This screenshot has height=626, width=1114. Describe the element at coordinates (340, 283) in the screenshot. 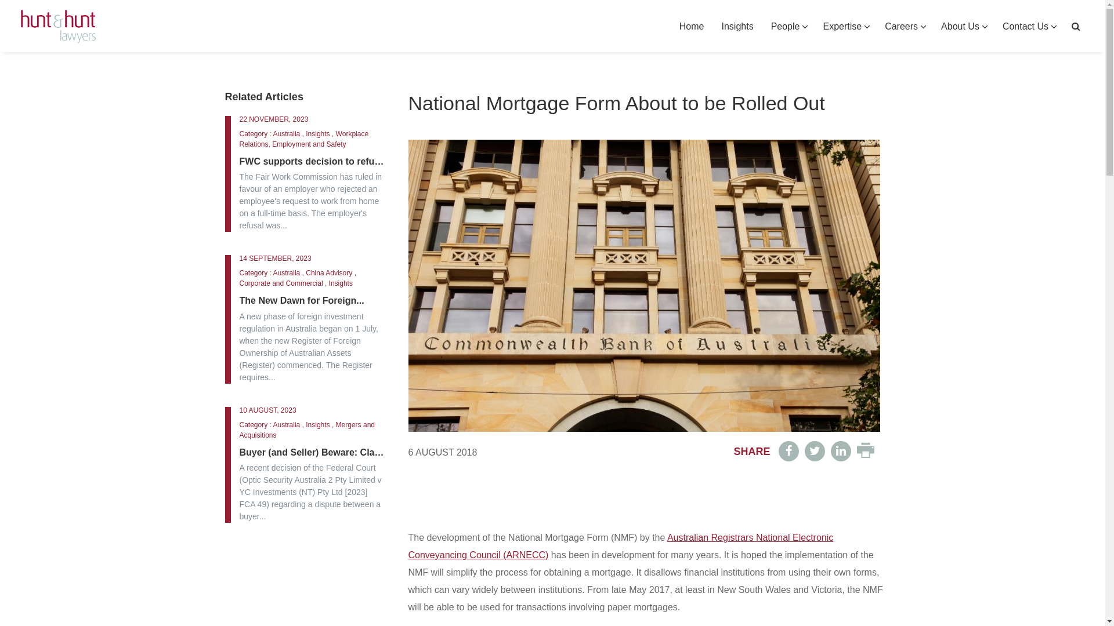

I see `'Insights'` at that location.